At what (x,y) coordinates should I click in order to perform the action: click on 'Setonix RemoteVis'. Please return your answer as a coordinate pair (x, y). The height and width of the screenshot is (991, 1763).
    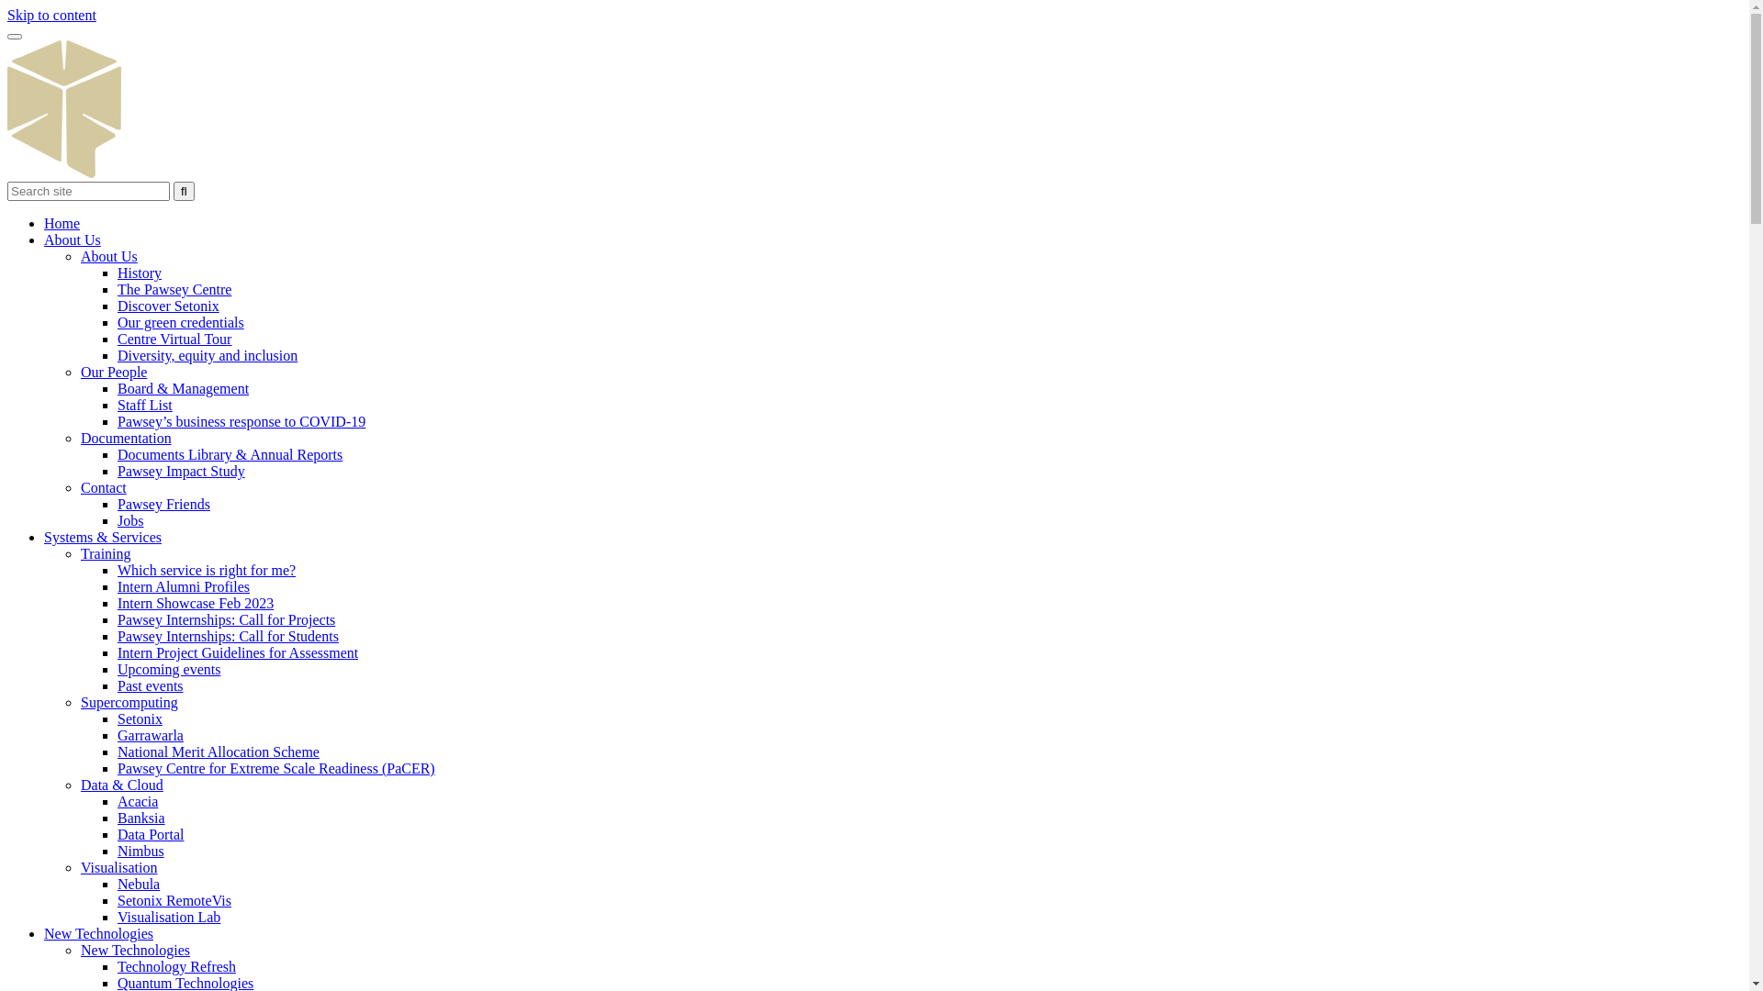
    Looking at the image, I should click on (174, 899).